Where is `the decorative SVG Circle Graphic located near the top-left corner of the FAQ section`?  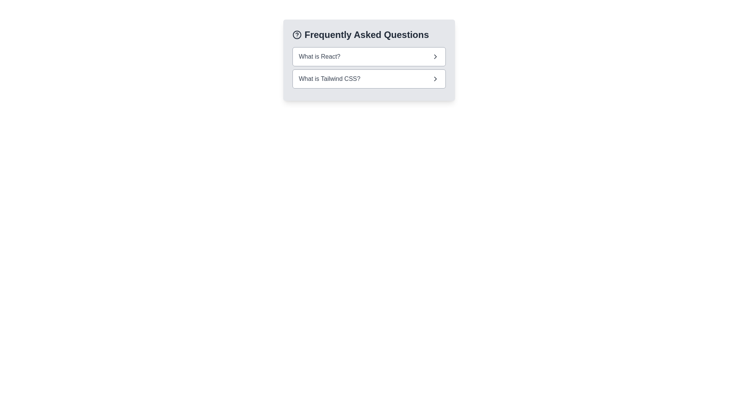
the decorative SVG Circle Graphic located near the top-left corner of the FAQ section is located at coordinates (296, 35).